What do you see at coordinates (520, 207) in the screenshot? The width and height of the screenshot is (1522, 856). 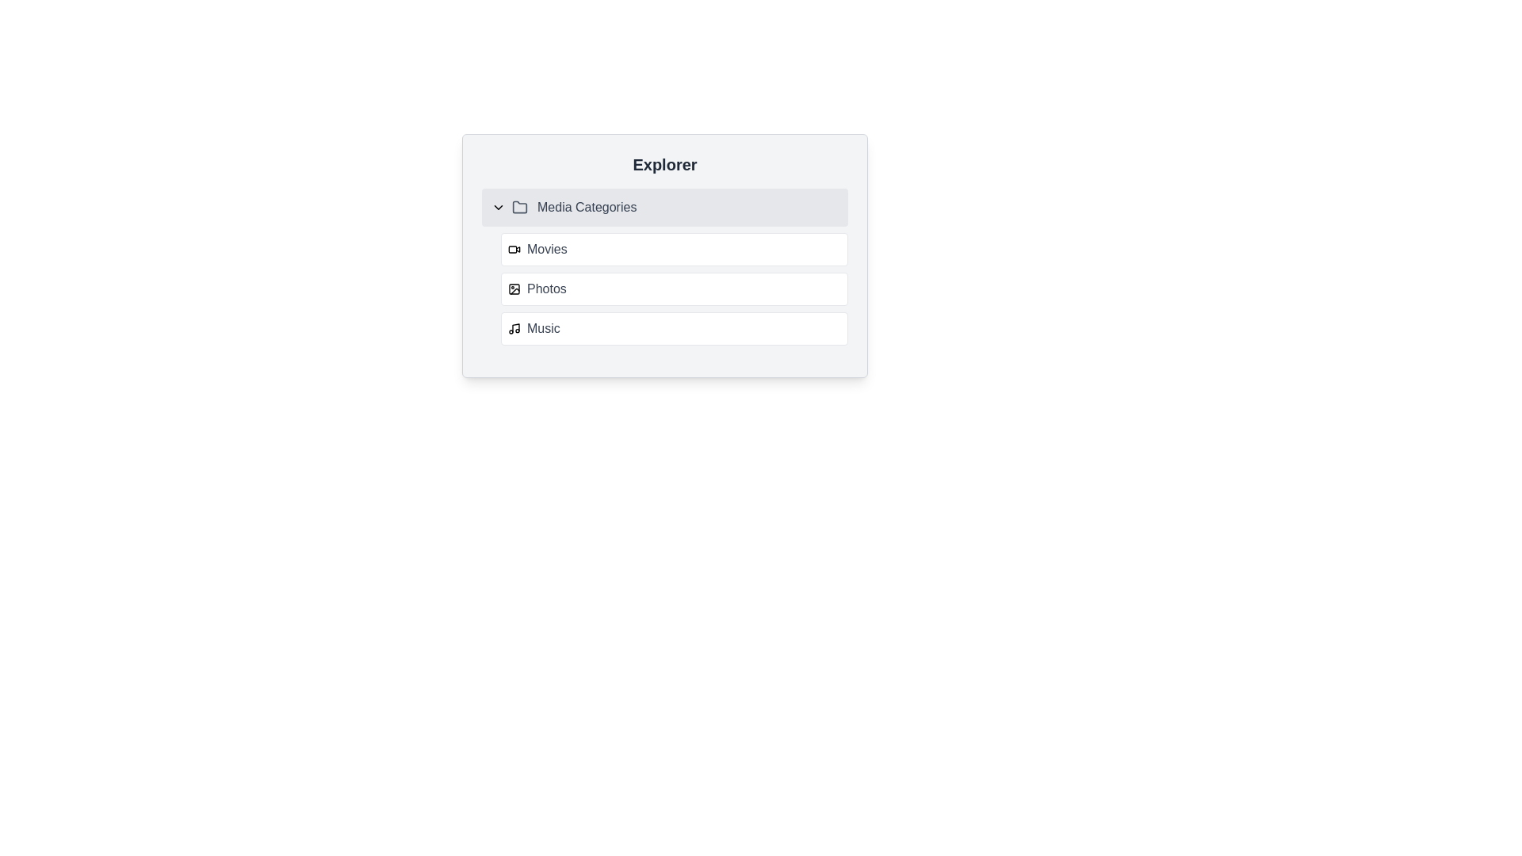 I see `the visual representation of the folder icon located in the 'Media Categories' section, positioned between the chevron-down icon and the text 'Media Categories'` at bounding box center [520, 207].